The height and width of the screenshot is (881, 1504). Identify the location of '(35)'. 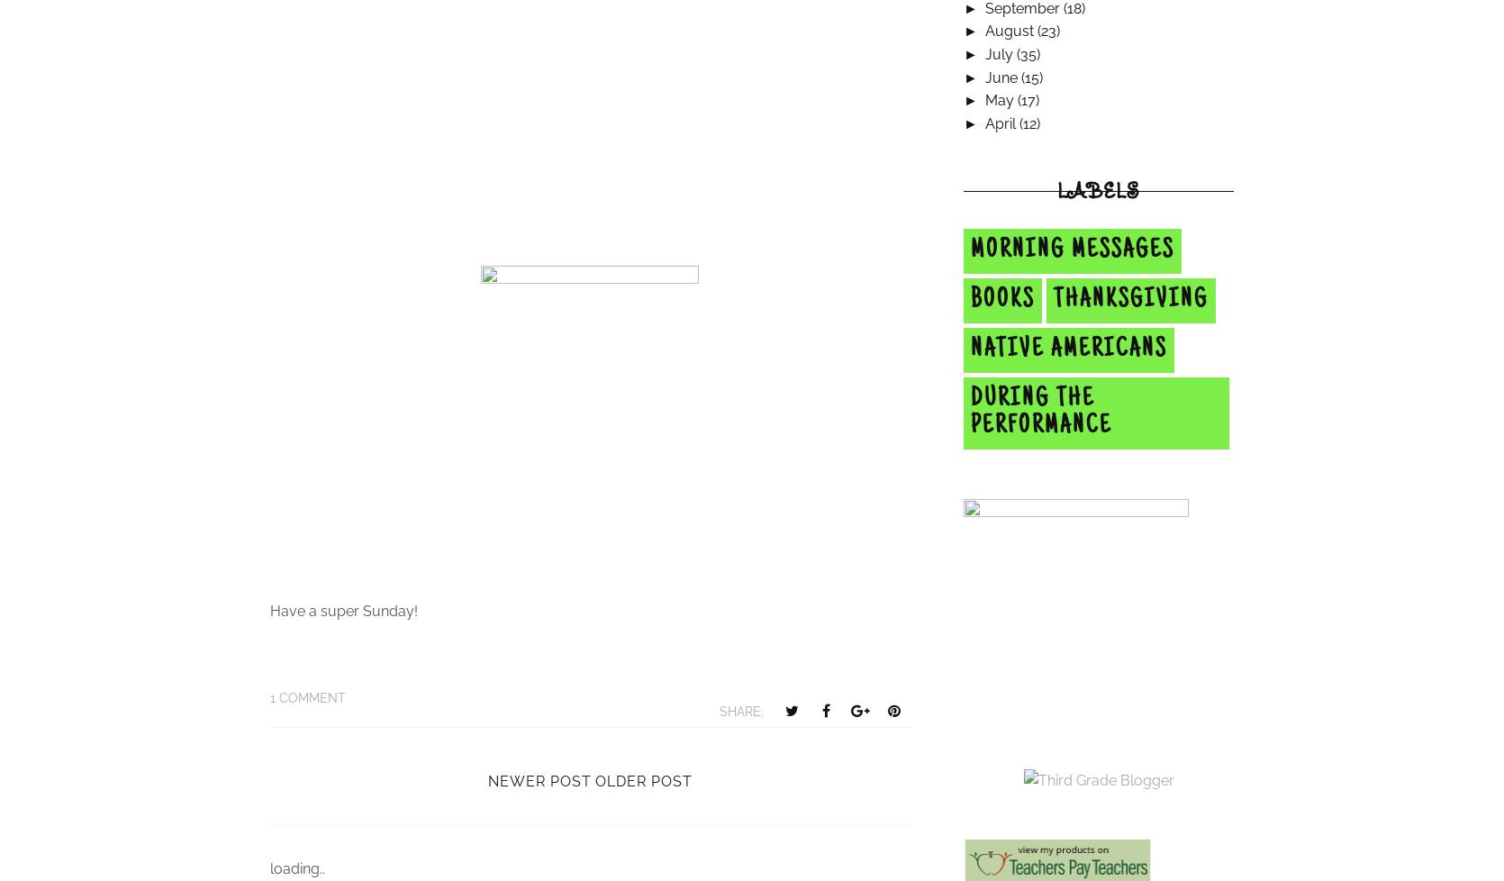
(1014, 54).